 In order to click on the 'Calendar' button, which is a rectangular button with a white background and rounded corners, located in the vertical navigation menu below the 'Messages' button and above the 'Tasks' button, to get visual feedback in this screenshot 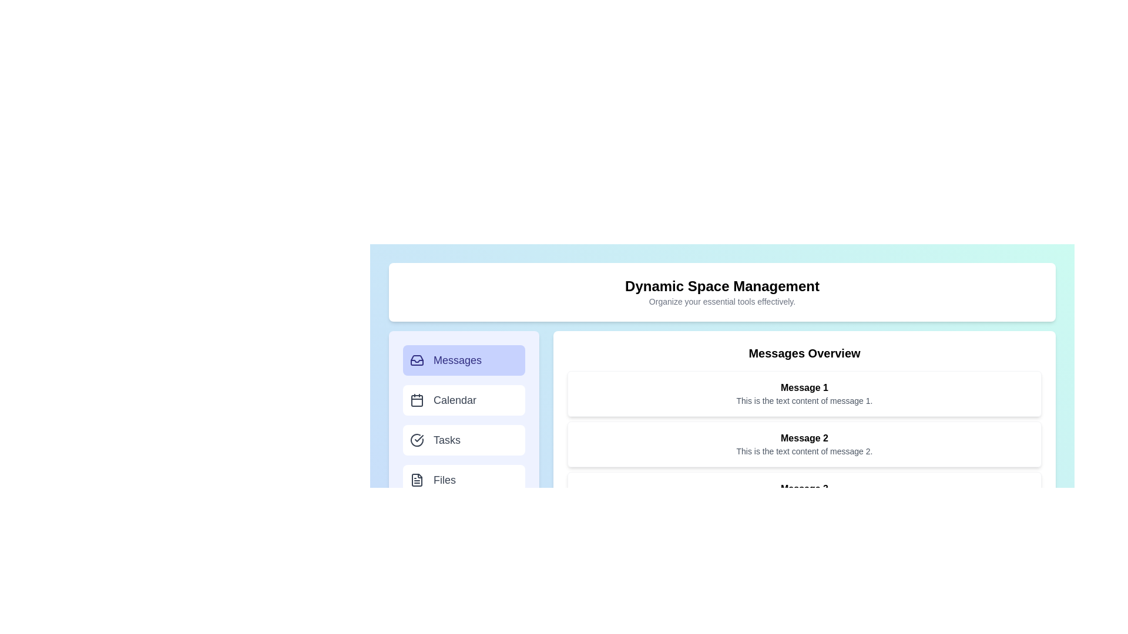, I will do `click(464, 400)`.